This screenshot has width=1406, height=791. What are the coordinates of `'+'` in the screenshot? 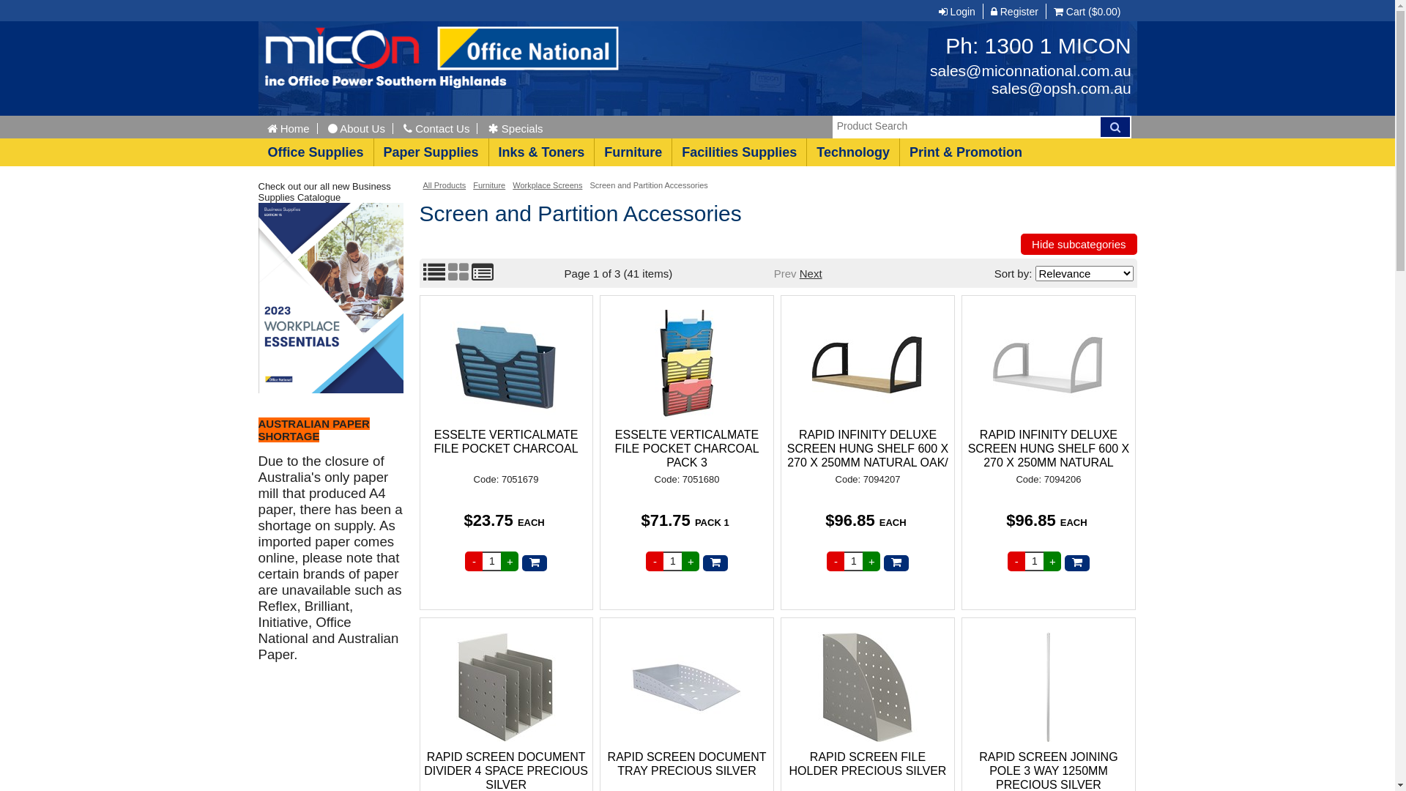 It's located at (689, 560).